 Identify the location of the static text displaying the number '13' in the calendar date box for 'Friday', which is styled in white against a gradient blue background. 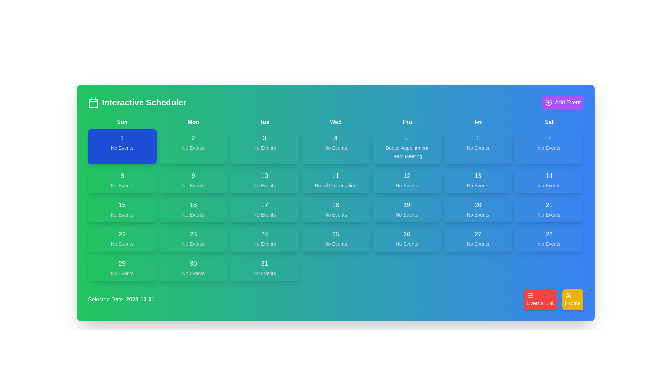
(478, 175).